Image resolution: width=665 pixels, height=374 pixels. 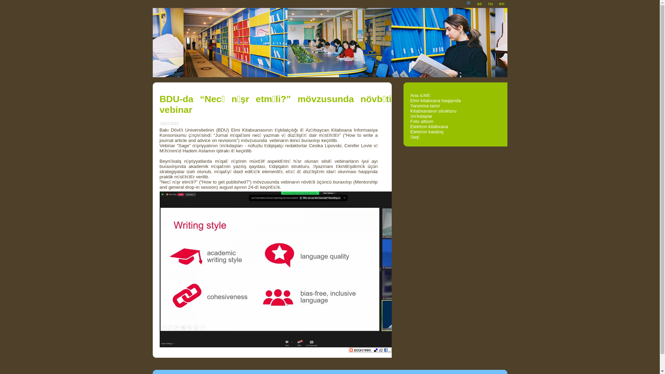 What do you see at coordinates (428, 126) in the screenshot?
I see `'Elektron kitabxana'` at bounding box center [428, 126].